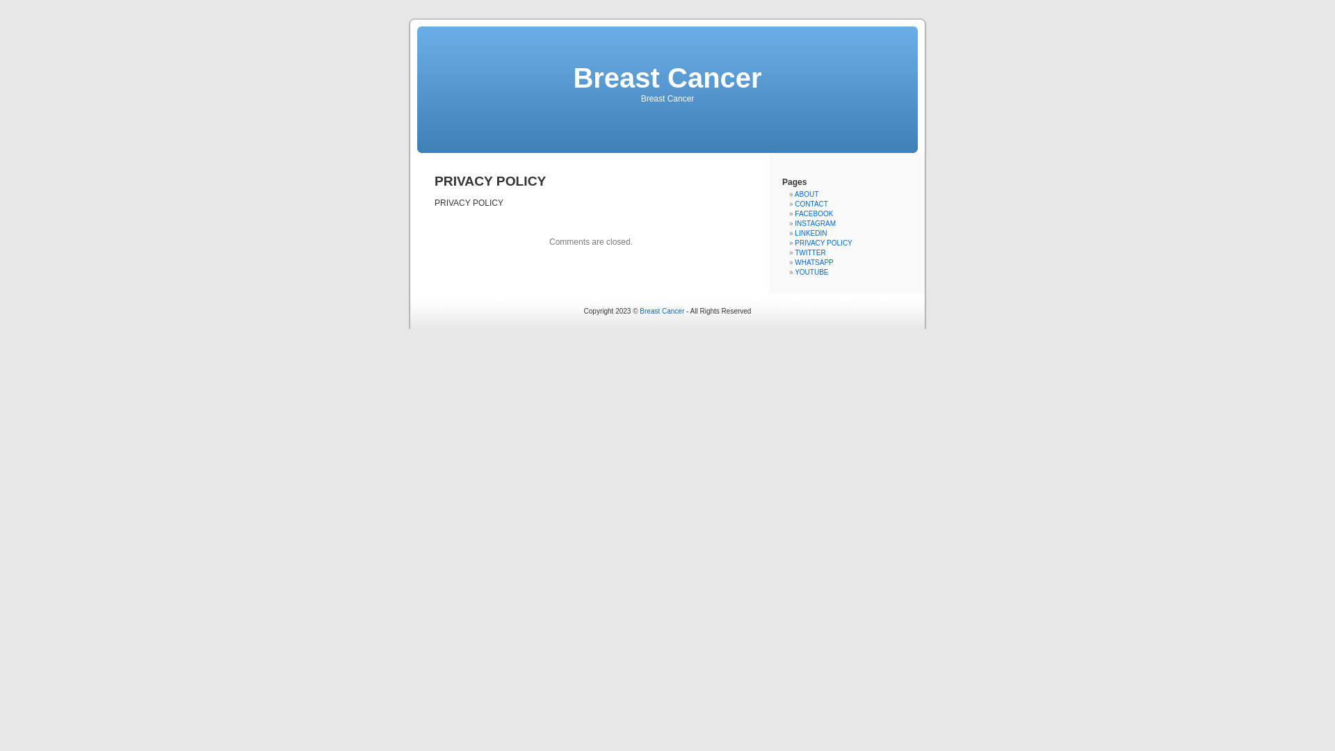  What do you see at coordinates (815, 223) in the screenshot?
I see `'INSTAGRAM'` at bounding box center [815, 223].